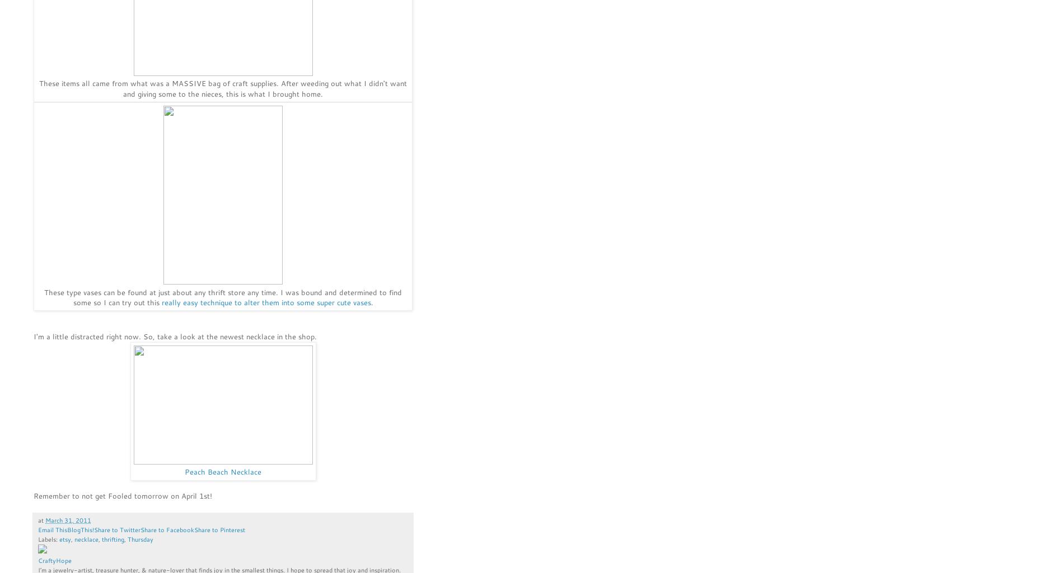 The image size is (1040, 573). Describe the element at coordinates (67, 529) in the screenshot. I see `'BlogThis!'` at that location.